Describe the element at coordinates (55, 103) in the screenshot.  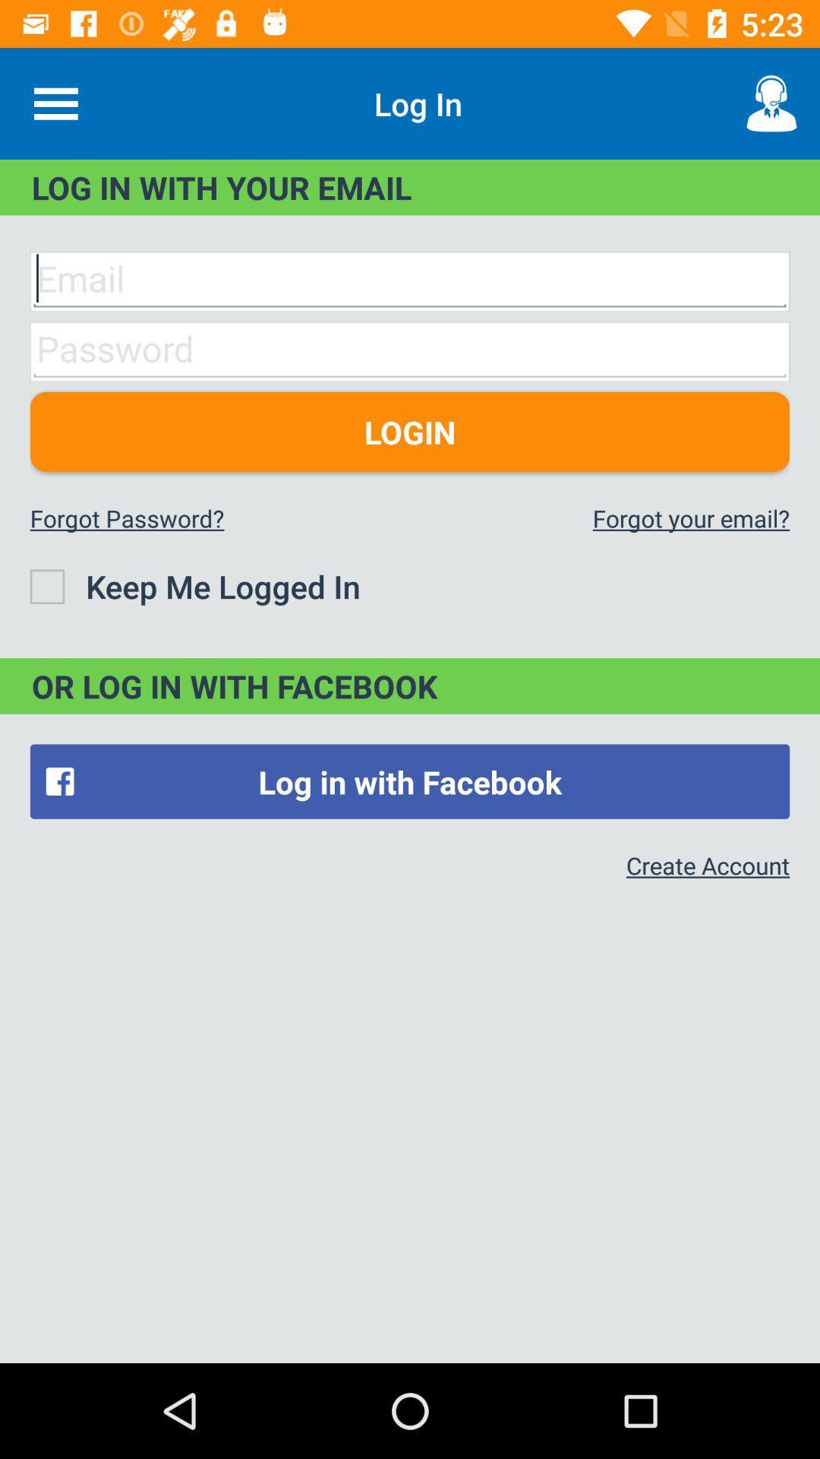
I see `icon to the left of the log in item` at that location.